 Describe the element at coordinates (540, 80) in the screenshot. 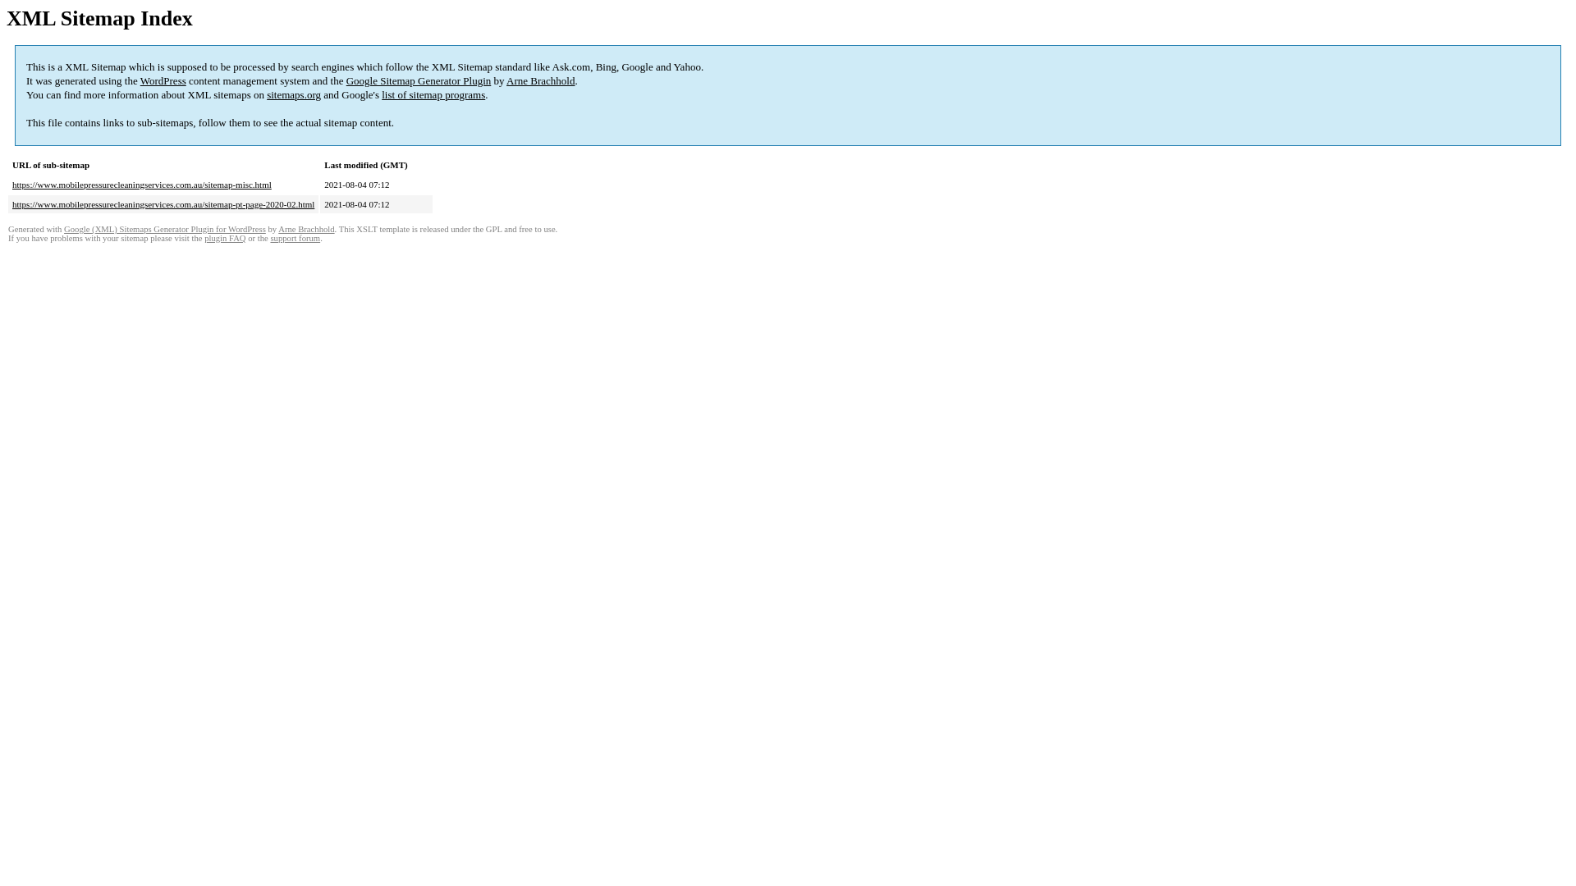

I see `'Arne Brachhold'` at that location.